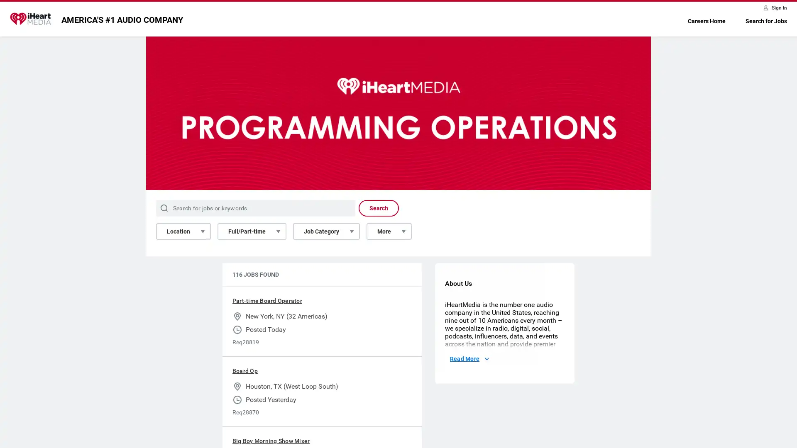 This screenshot has height=448, width=797. What do you see at coordinates (774, 7) in the screenshot?
I see `Sign In` at bounding box center [774, 7].